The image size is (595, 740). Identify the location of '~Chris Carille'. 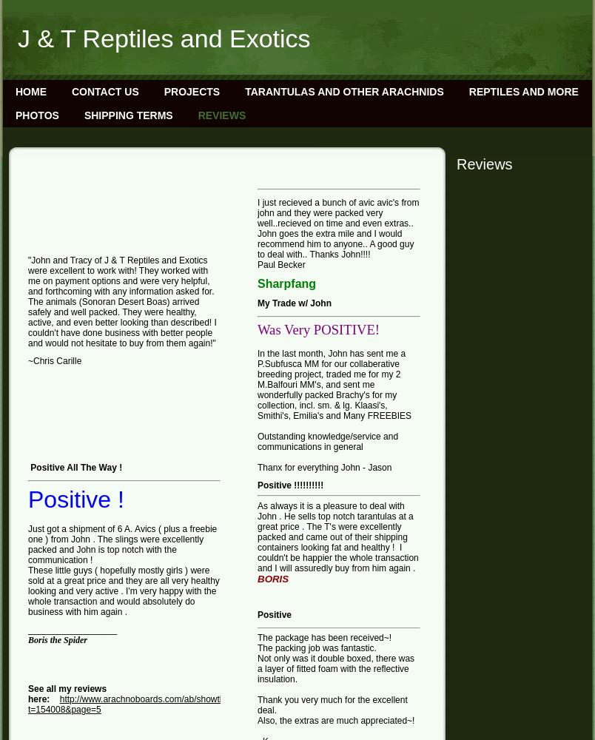
(53, 360).